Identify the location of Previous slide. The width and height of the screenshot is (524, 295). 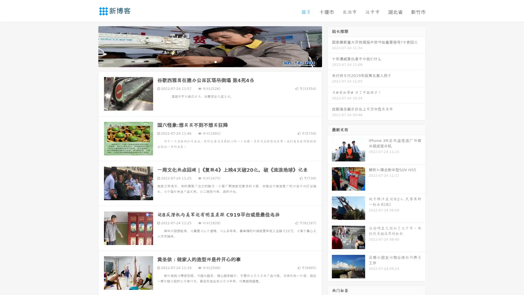
(90, 46).